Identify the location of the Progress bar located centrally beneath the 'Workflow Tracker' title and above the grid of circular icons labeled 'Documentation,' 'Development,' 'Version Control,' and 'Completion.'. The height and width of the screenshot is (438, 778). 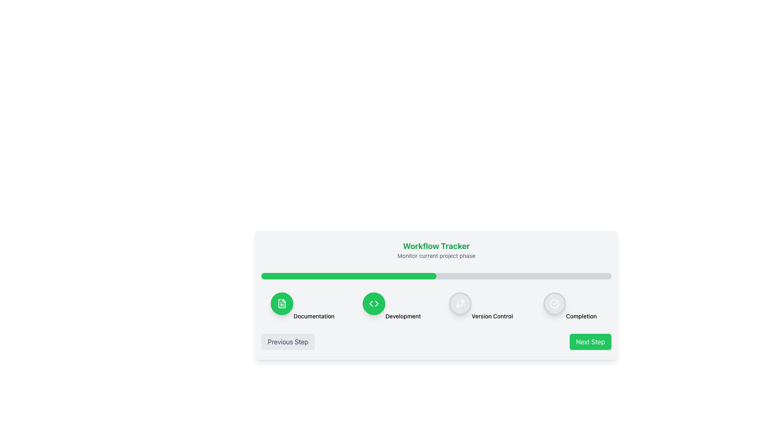
(436, 276).